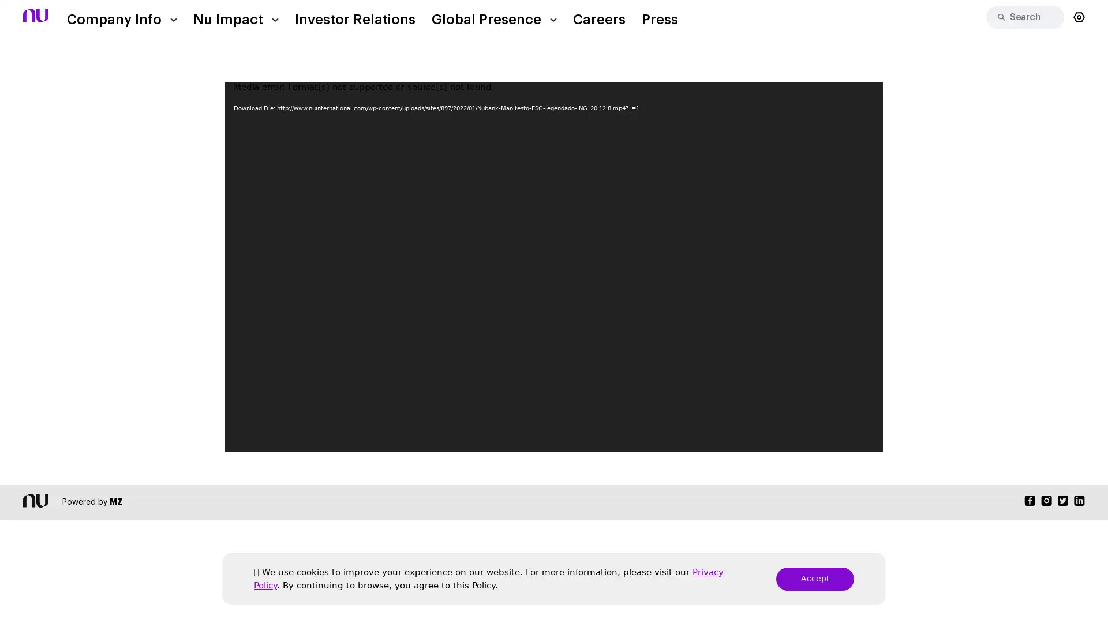  What do you see at coordinates (849, 440) in the screenshot?
I see `Mute` at bounding box center [849, 440].